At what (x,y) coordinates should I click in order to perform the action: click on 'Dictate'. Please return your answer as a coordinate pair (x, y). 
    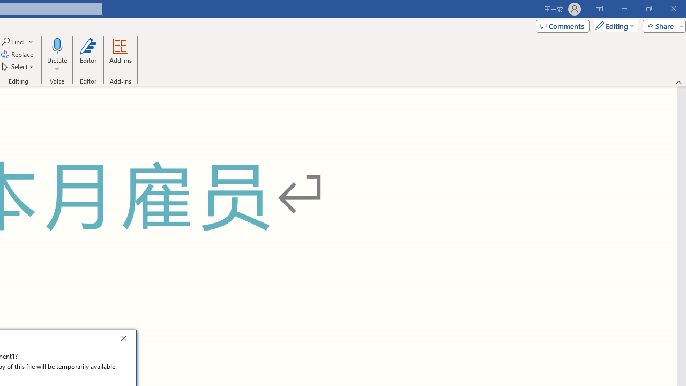
    Looking at the image, I should click on (56, 55).